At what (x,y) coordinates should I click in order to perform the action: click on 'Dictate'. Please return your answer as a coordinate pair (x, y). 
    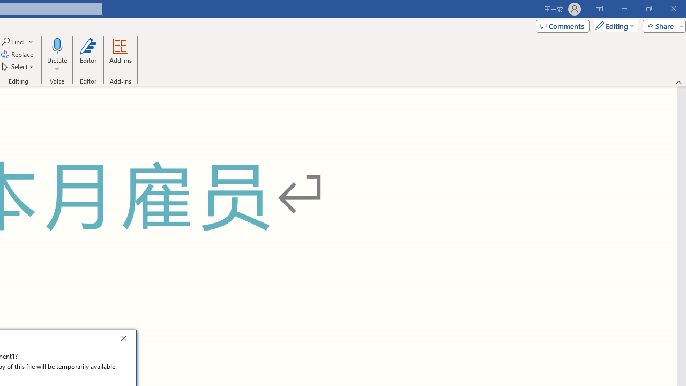
    Looking at the image, I should click on (56, 55).